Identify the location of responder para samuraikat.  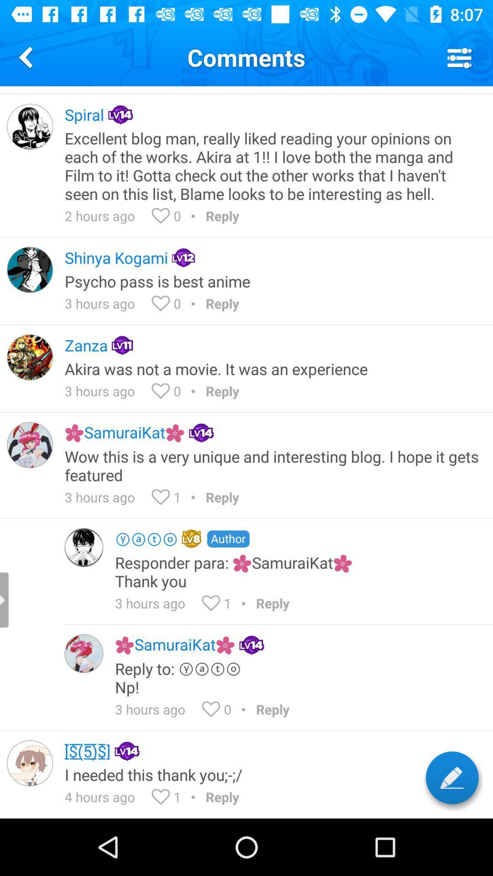
(298, 571).